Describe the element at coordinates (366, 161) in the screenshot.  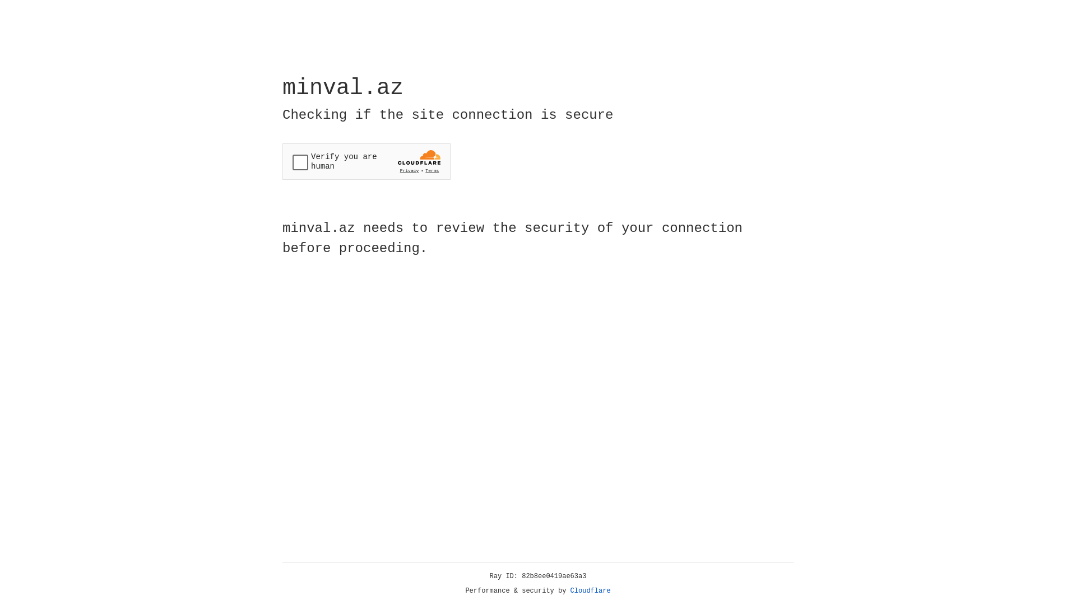
I see `'Widget containing a Cloudflare security challenge'` at that location.